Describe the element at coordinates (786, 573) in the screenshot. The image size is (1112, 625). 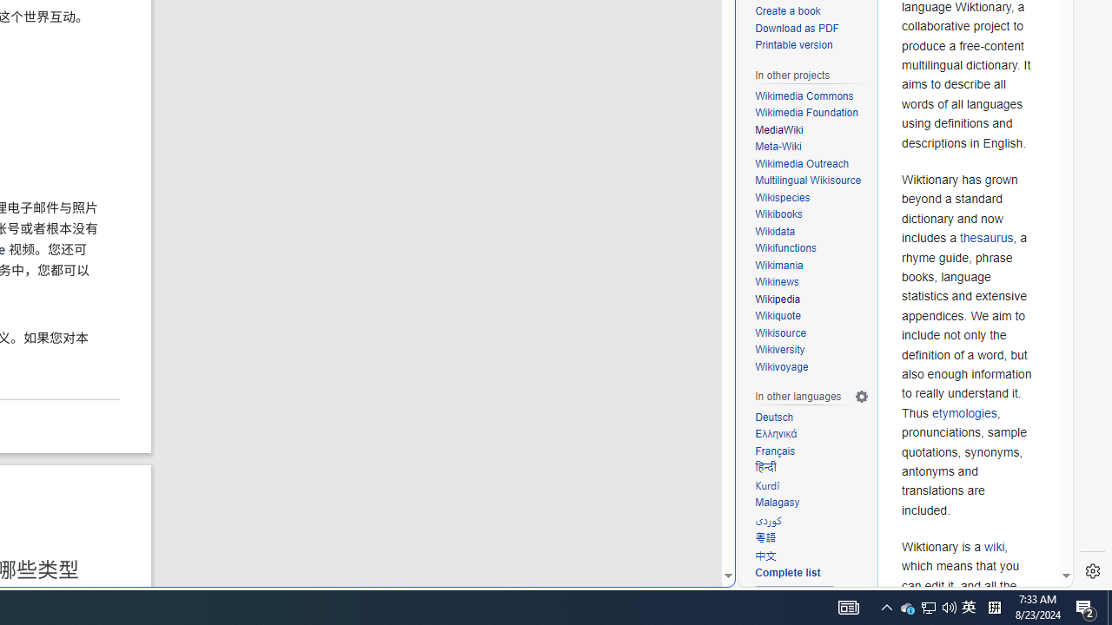
I see `'Complete list'` at that location.